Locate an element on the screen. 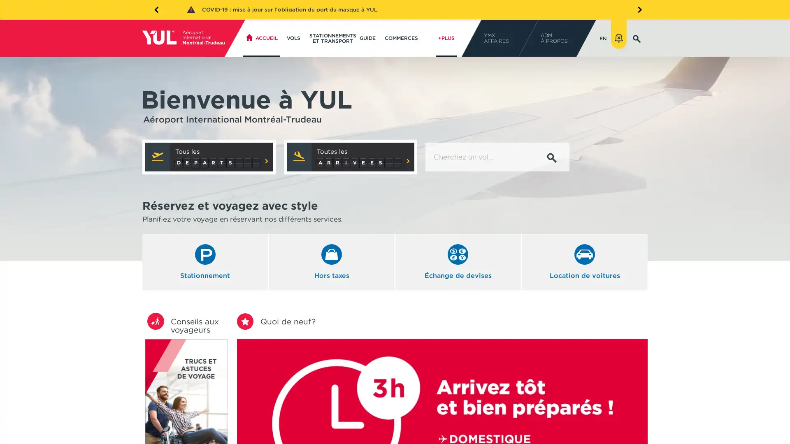 The width and height of the screenshot is (790, 444). Rechercher is located at coordinates (546, 65).